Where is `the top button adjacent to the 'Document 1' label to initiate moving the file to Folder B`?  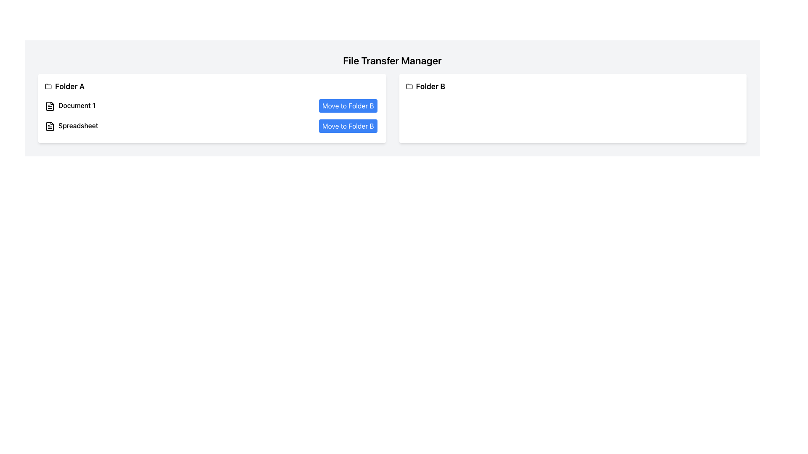
the top button adjacent to the 'Document 1' label to initiate moving the file to Folder B is located at coordinates (348, 105).